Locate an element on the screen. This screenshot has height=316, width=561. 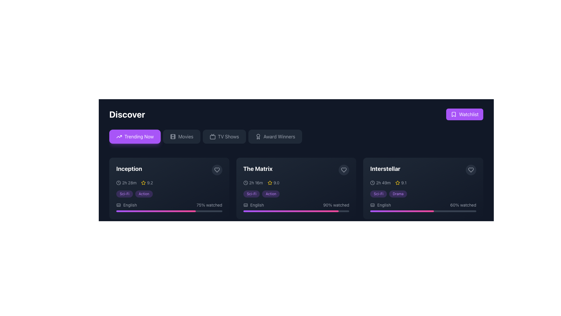
the 'Award Winners' button in the horizontal menu bar to filter for award winners is located at coordinates (296, 139).